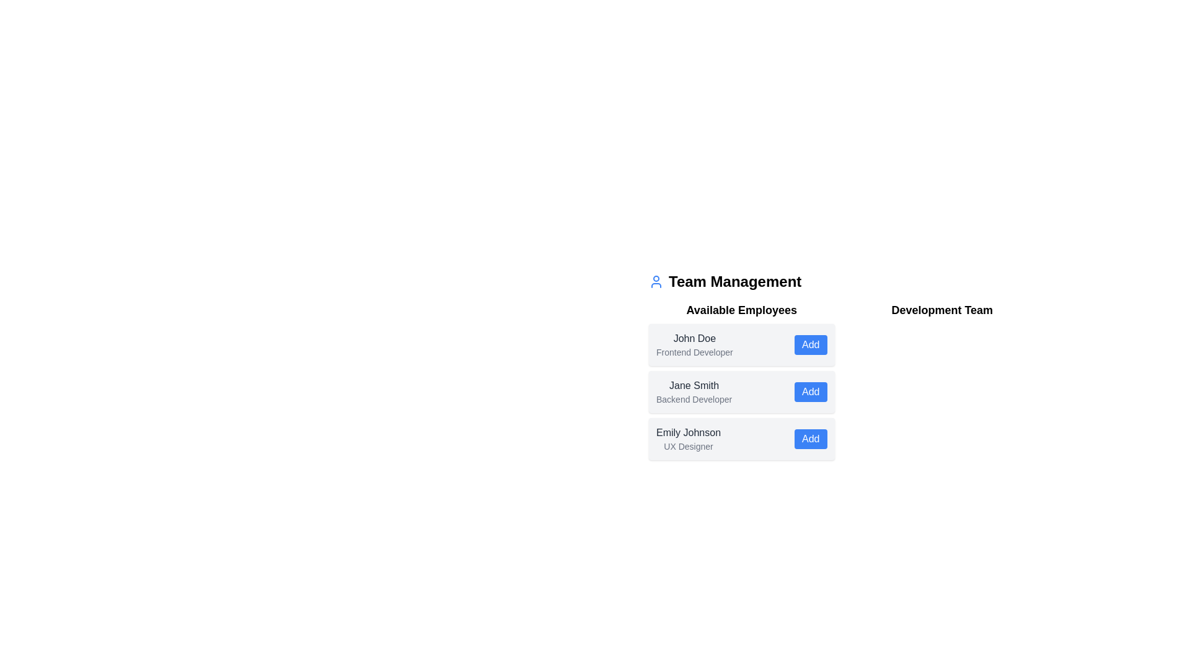 Image resolution: width=1190 pixels, height=669 pixels. What do you see at coordinates (842, 365) in the screenshot?
I see `the 'Add' button in the team management section` at bounding box center [842, 365].